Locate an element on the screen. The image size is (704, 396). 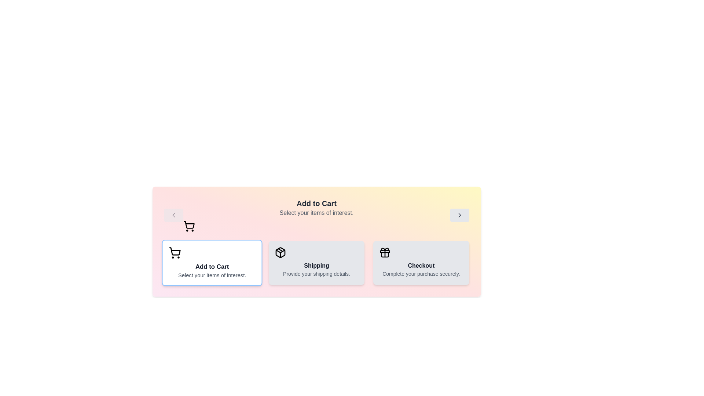
the navigational icon located in the top-left corner of the button, which directs users back to a previous interface or section is located at coordinates (173, 214).